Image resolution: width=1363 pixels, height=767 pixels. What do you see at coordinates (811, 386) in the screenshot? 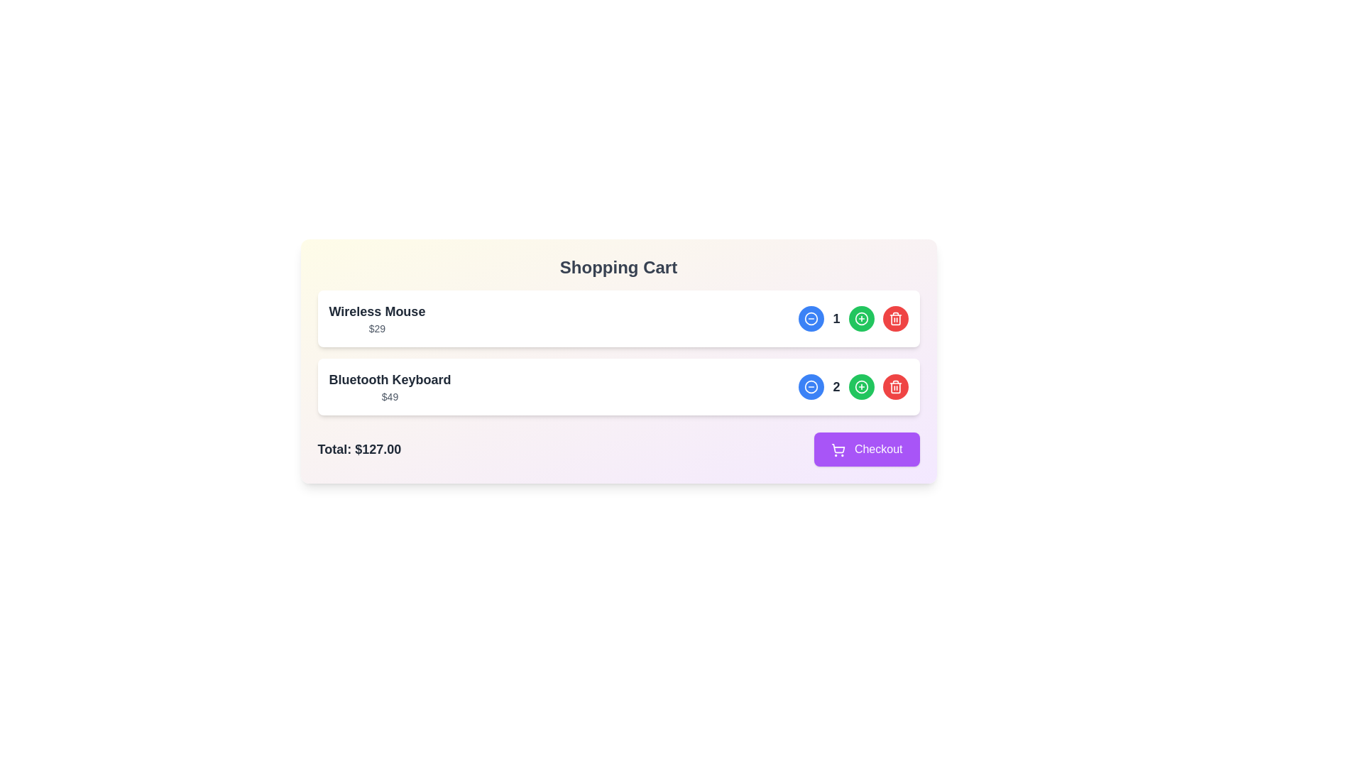
I see `the circular blue button with a minus icon, which is positioned to the left of the increment button in the second row for the 'Bluetooth Keyboard' item` at bounding box center [811, 386].